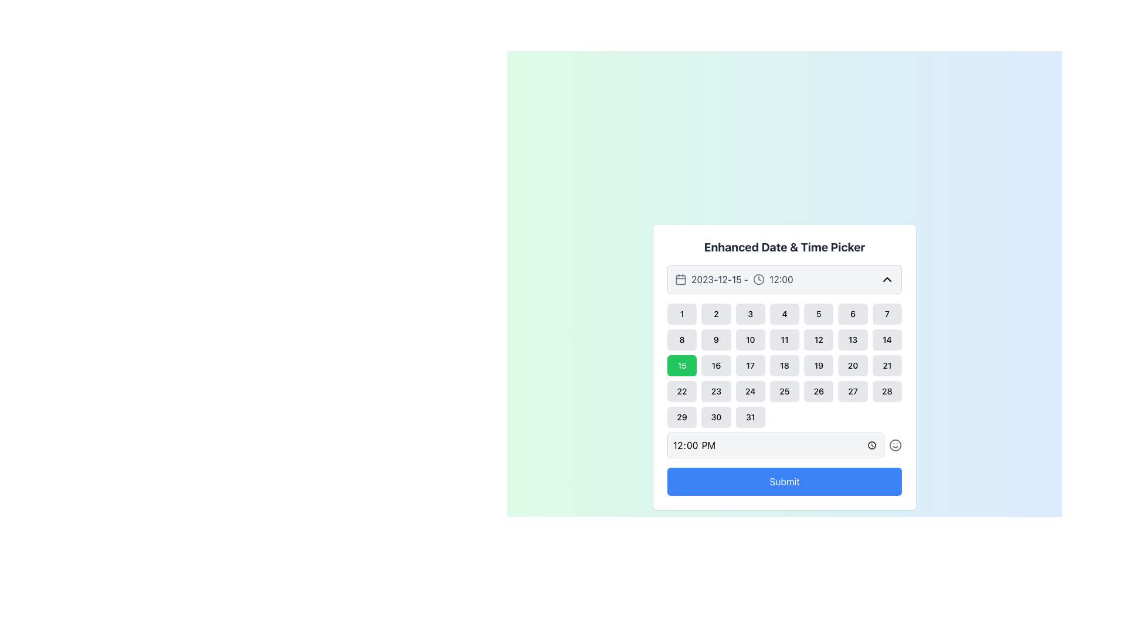 This screenshot has height=633, width=1126. I want to click on the rounded rectangular button labeled '7' with a light gray background located in the first row, seventh column of the grid to trigger hover effects, so click(887, 314).